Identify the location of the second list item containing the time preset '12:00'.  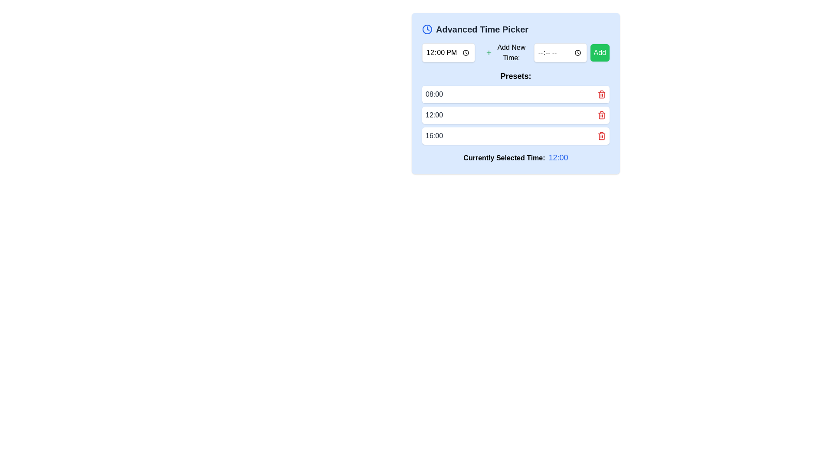
(516, 115).